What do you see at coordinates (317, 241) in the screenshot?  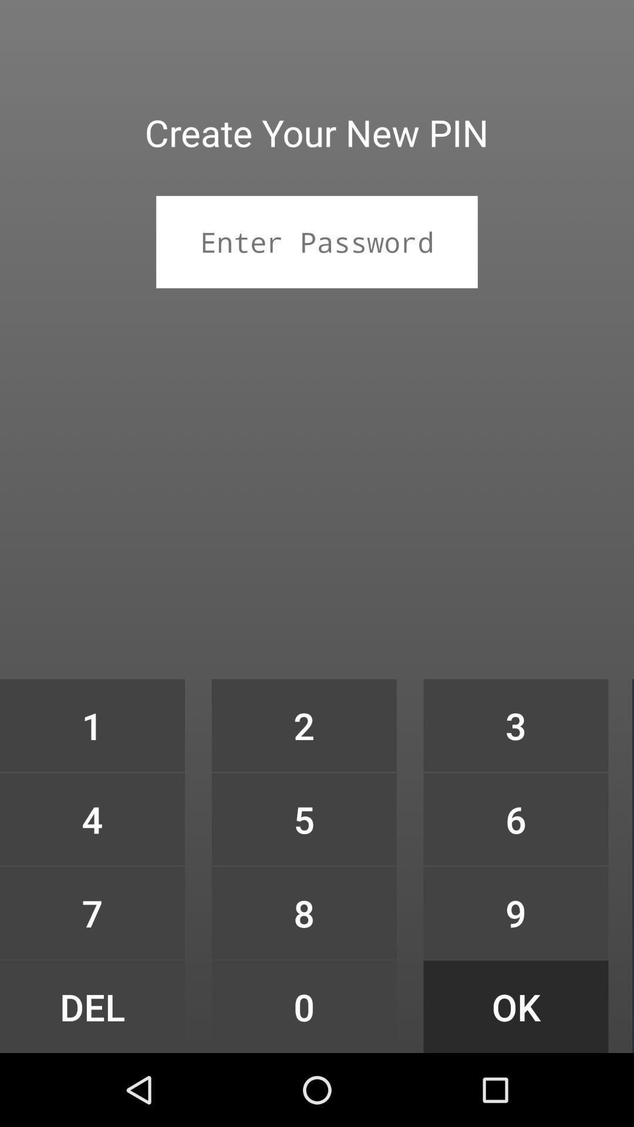 I see `password input field` at bounding box center [317, 241].